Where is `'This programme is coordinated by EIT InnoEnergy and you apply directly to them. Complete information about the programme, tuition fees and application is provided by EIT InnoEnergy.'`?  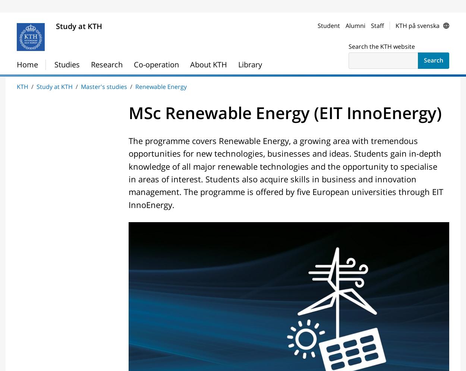 'This programme is coordinated by EIT InnoEnergy and you apply directly to them. Complete information about the programme, tuition fees and application is provided by EIT InnoEnergy.' is located at coordinates (140, 87).